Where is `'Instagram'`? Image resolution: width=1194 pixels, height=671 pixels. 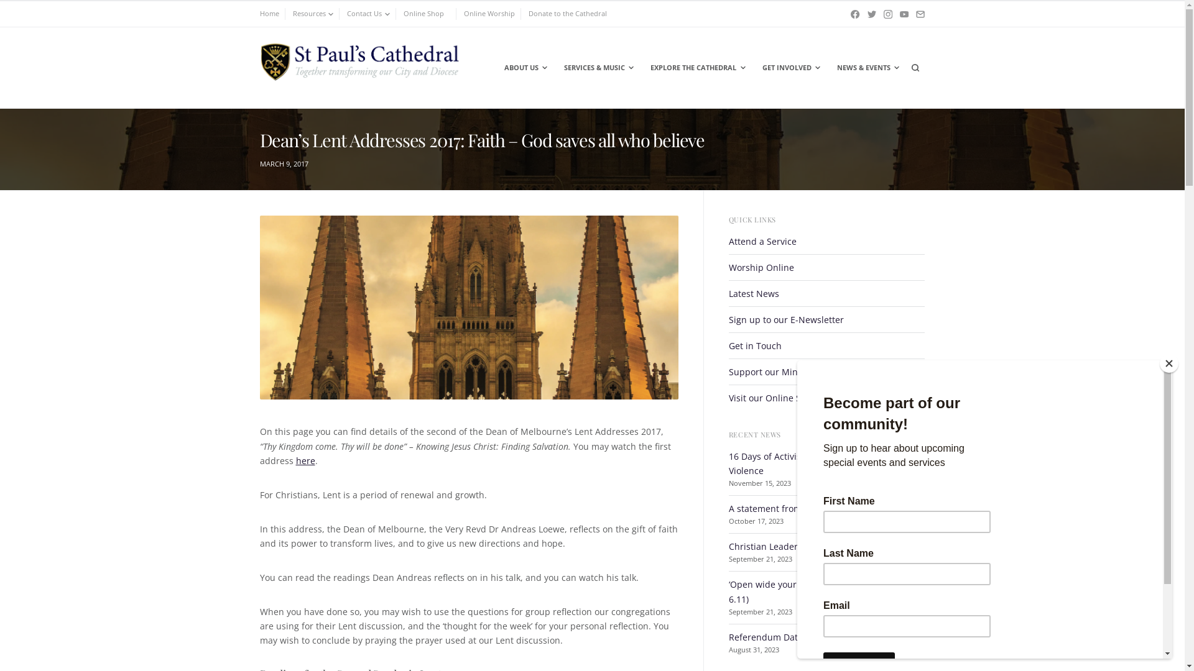
'Instagram' is located at coordinates (887, 14).